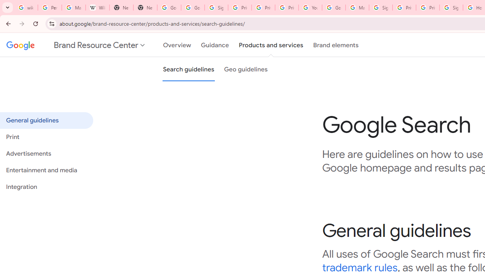  What do you see at coordinates (216, 8) in the screenshot?
I see `'Sign in - Google Accounts'` at bounding box center [216, 8].